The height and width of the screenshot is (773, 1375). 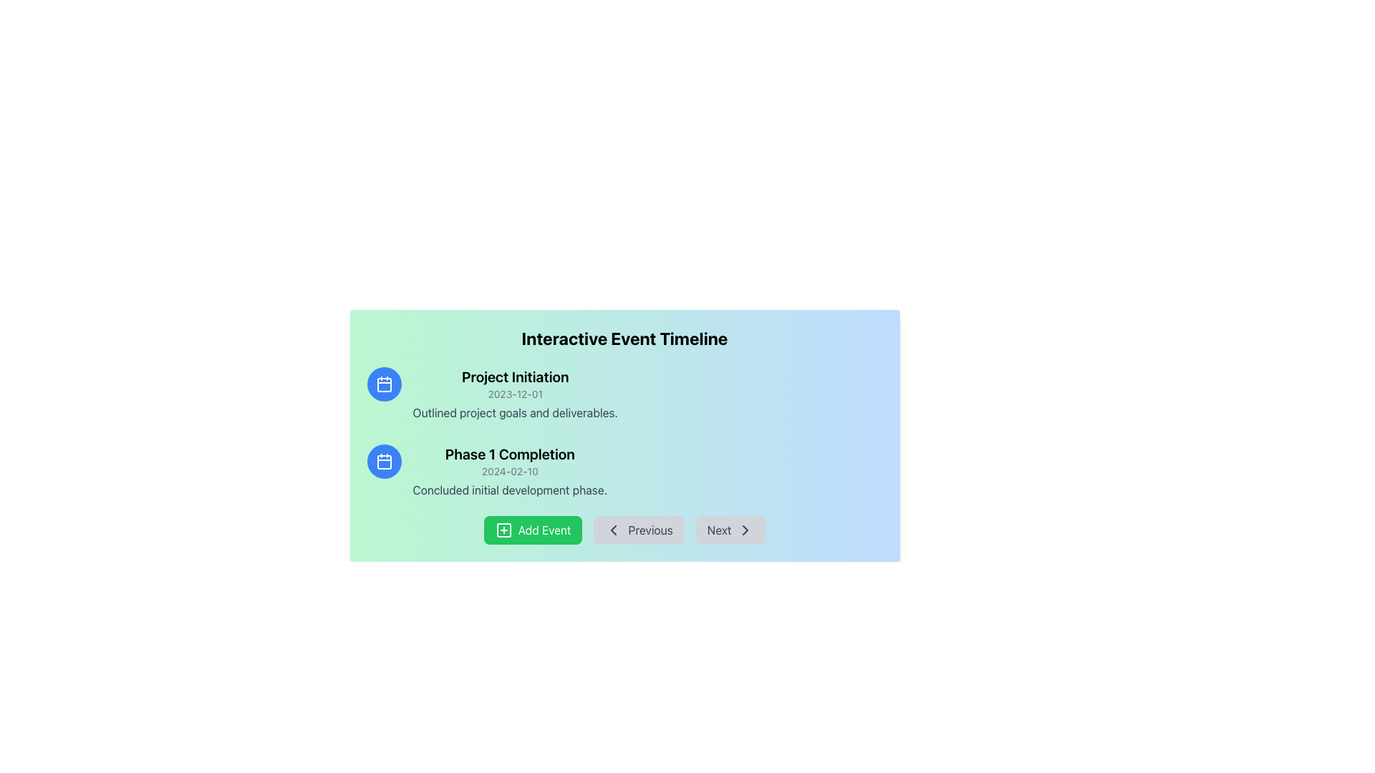 What do you see at coordinates (510, 472) in the screenshot?
I see `the timestamp text label that indicates the date associated with the event, located below 'Phase 1 Completion' and above 'Concluded initial development phase'` at bounding box center [510, 472].